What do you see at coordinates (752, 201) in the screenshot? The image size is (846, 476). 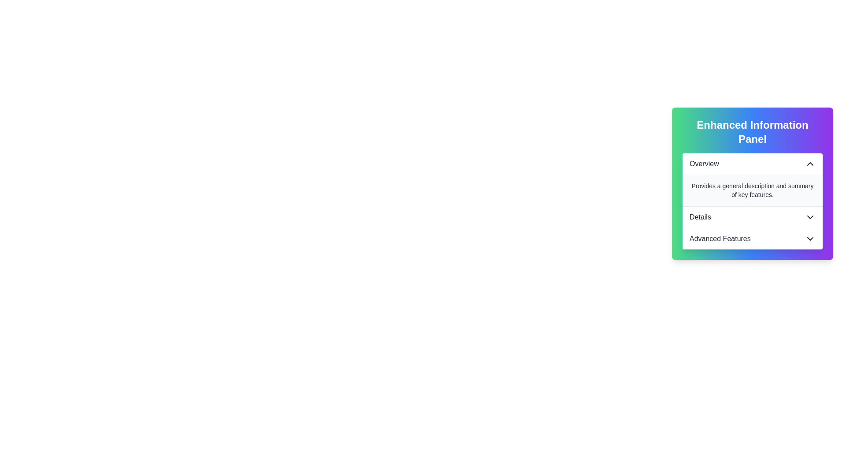 I see `the Collapsible information panel section element that contains the 'Overview' text and an upward-facing chevron icon, located under the 'Enhanced Information Panel' heading` at bounding box center [752, 201].